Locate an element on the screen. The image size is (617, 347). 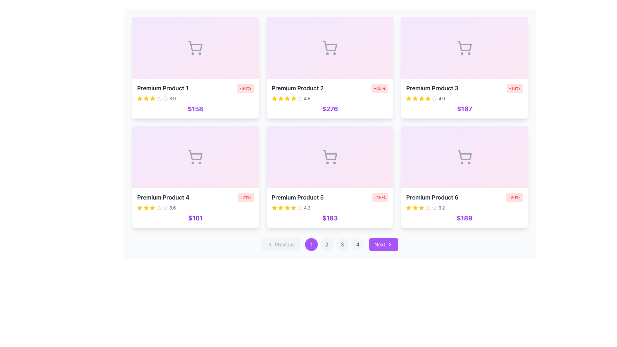
the first rating star icon for the product titled 'Premium Product 4' is located at coordinates (146, 208).